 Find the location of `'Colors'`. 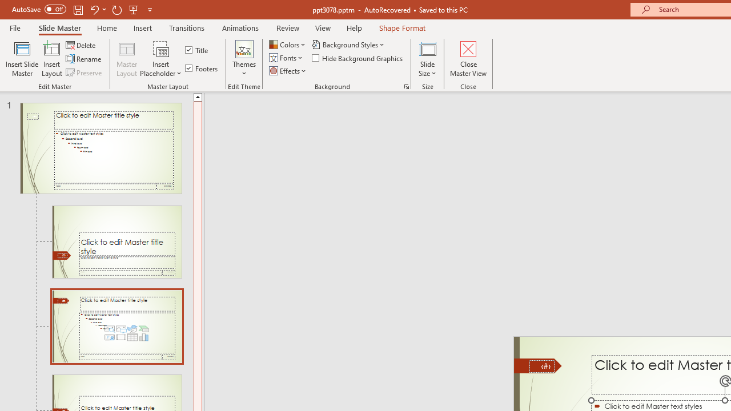

'Colors' is located at coordinates (288, 44).